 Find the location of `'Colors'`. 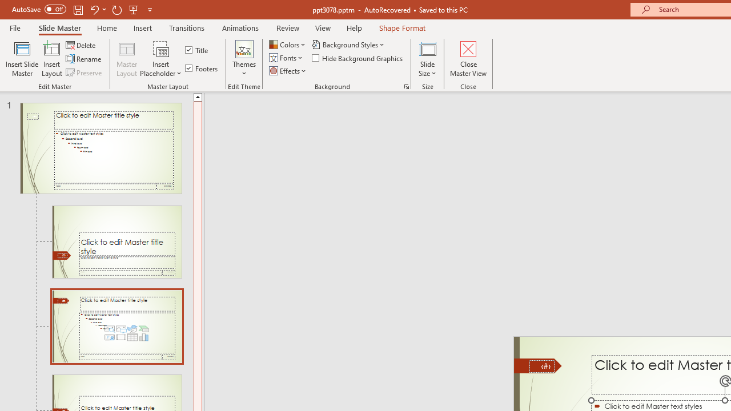

'Colors' is located at coordinates (288, 44).